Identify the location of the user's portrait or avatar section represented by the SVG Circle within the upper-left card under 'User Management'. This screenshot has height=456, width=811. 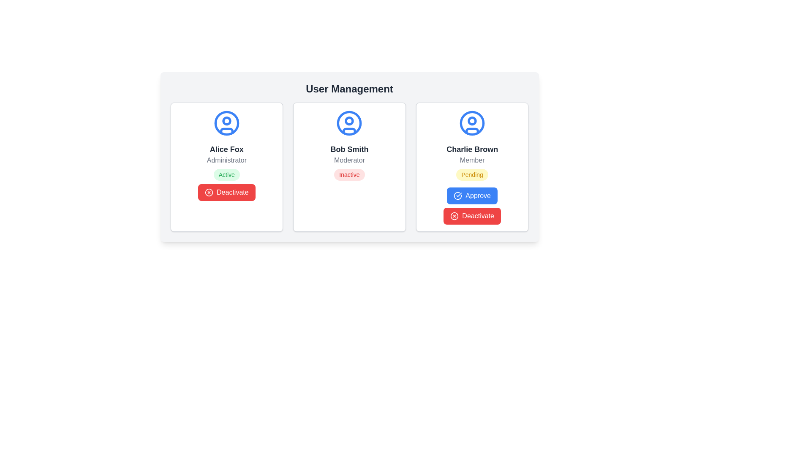
(226, 121).